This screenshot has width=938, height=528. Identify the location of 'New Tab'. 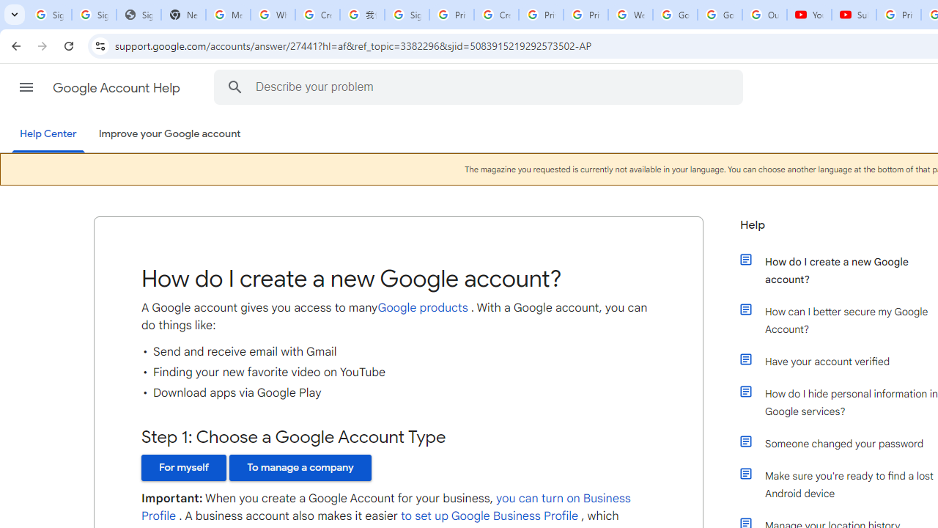
(182, 15).